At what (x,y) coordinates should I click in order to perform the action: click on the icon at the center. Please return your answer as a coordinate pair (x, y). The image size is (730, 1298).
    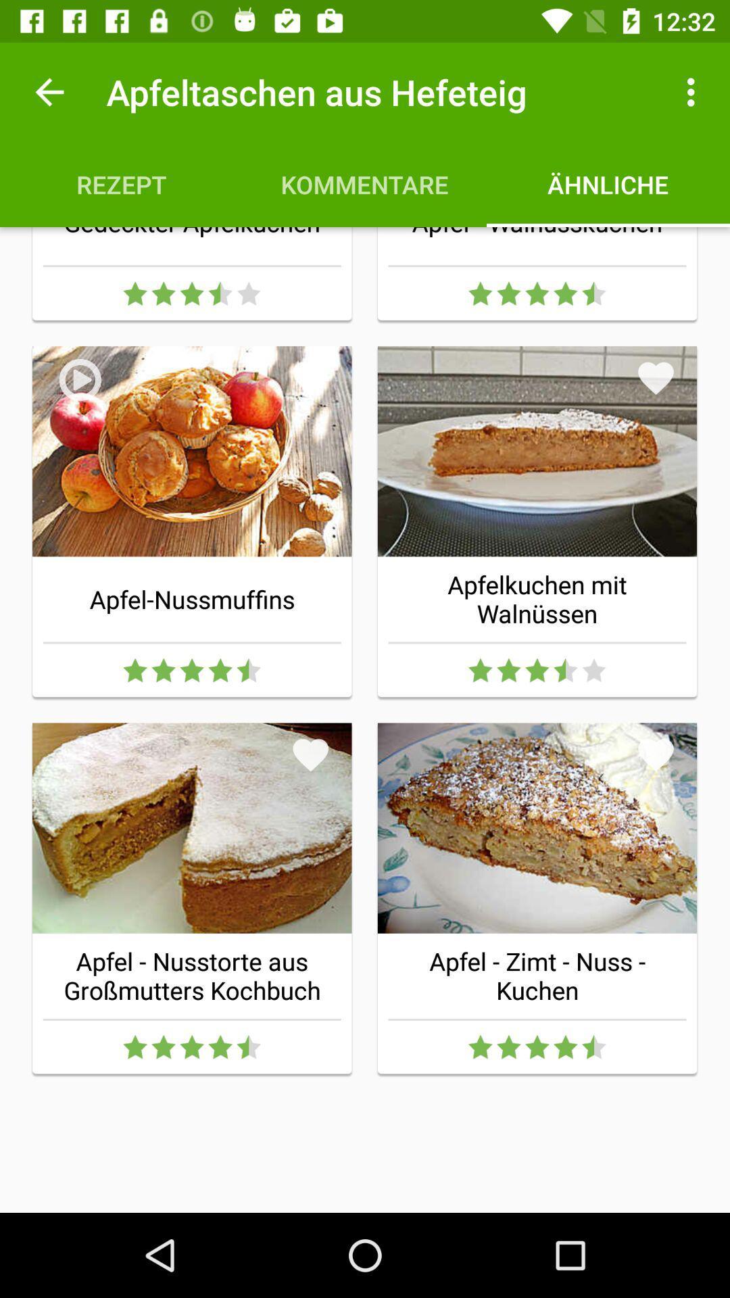
    Looking at the image, I should click on (310, 754).